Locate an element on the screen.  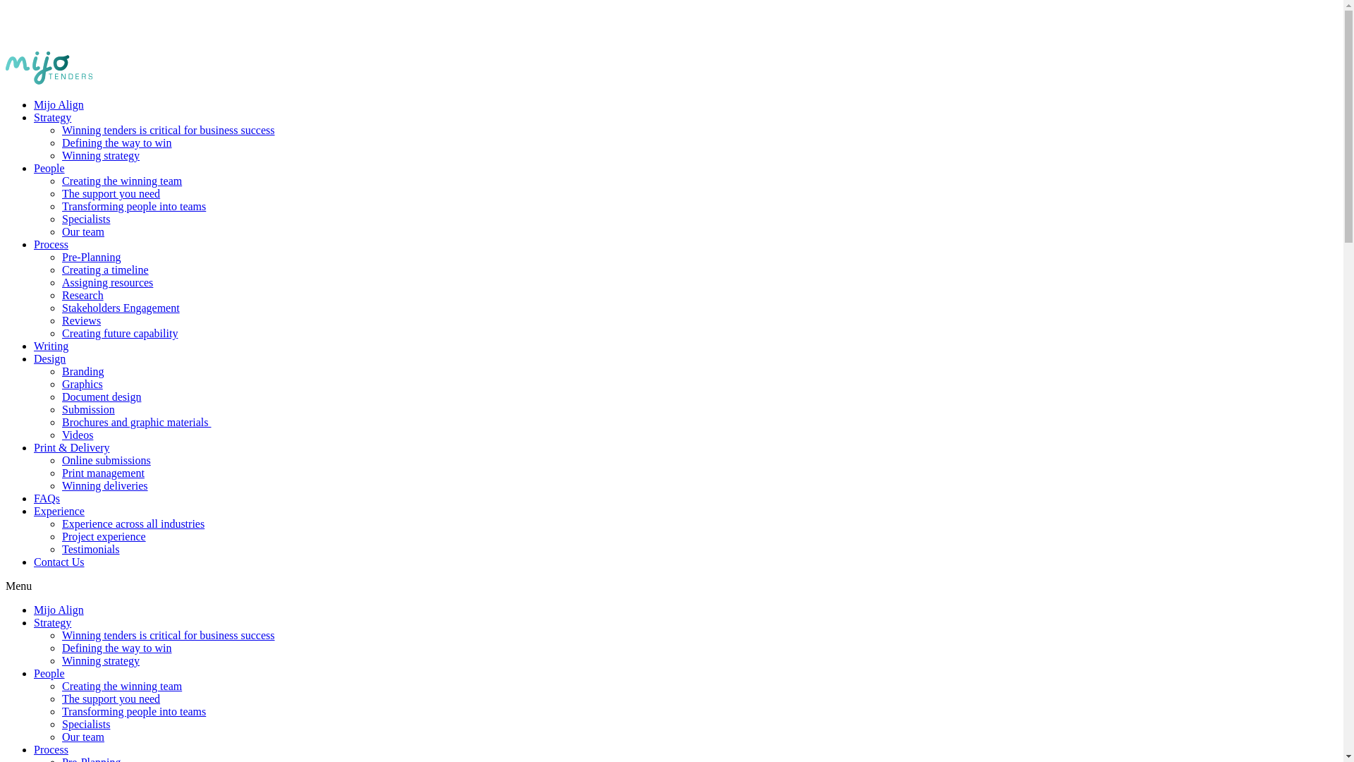
'Experience across all industries' is located at coordinates (133, 524).